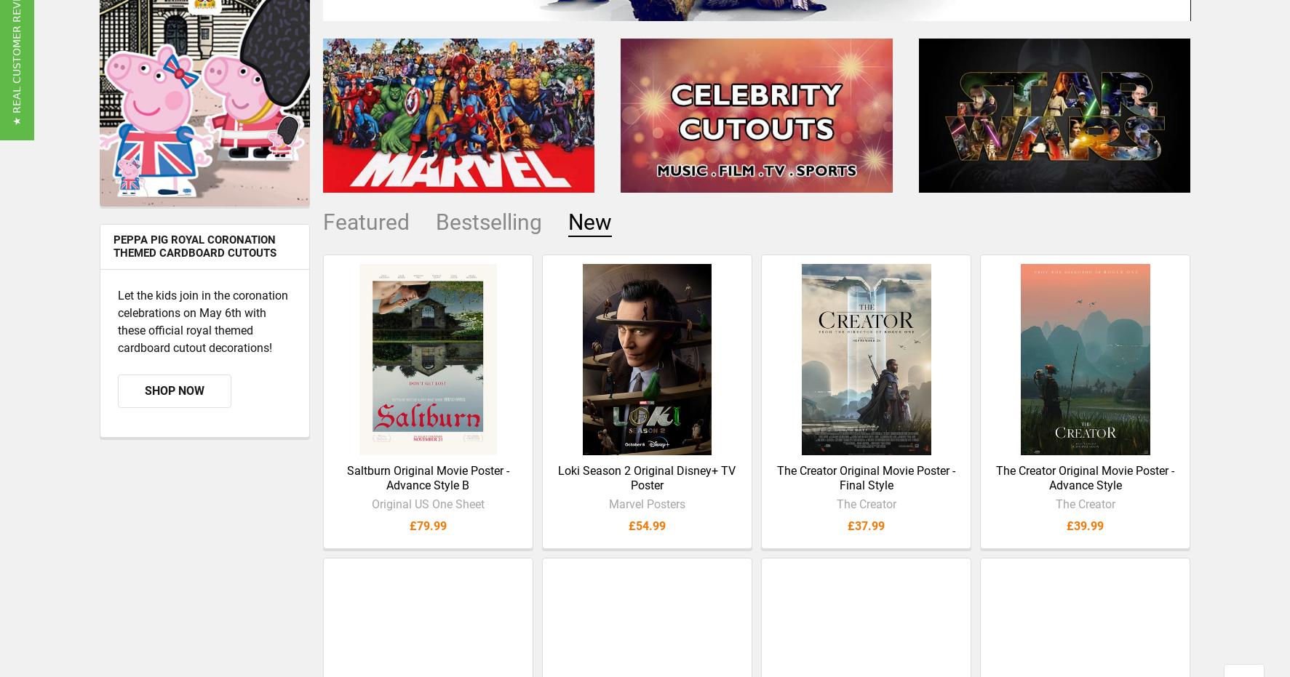 This screenshot has height=677, width=1290. I want to click on 'Shop Now', so click(143, 401).